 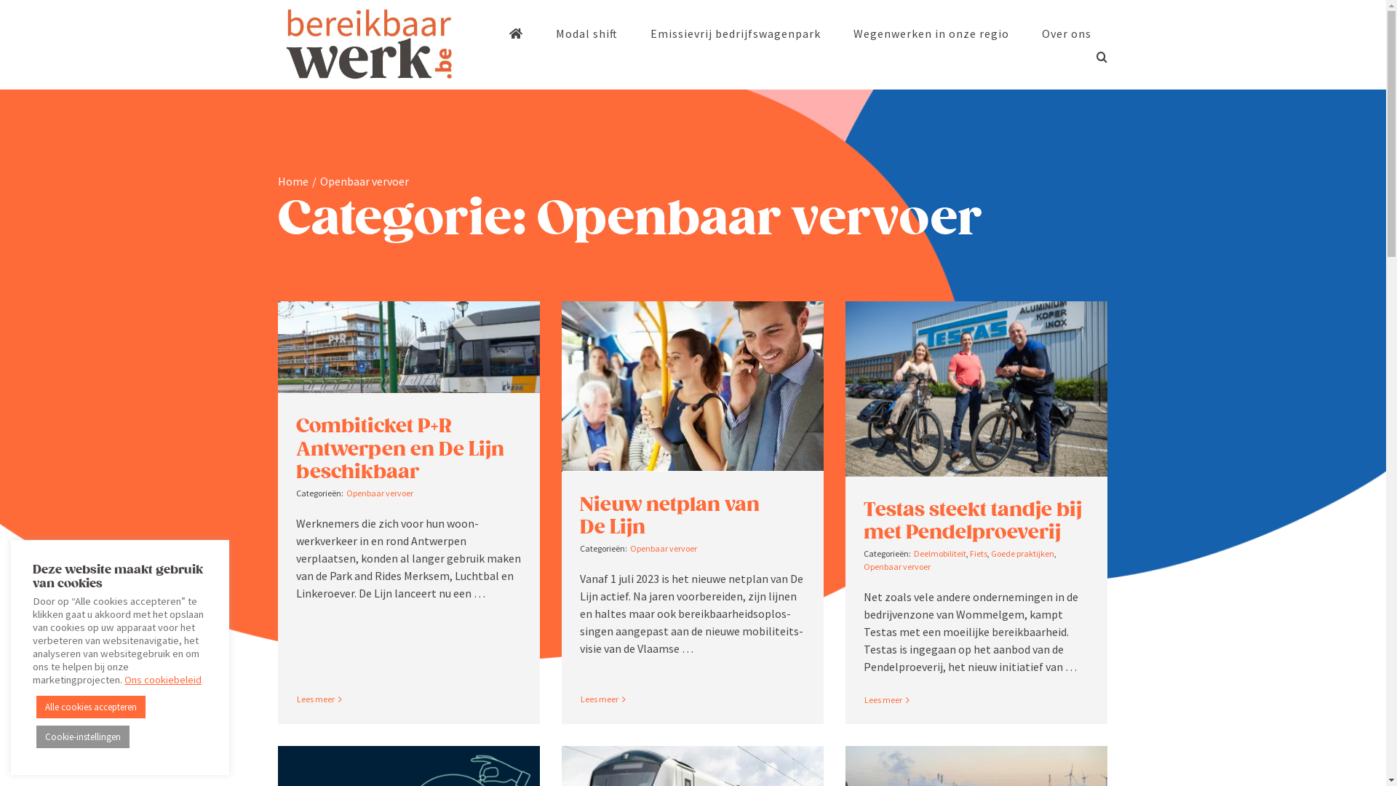 I want to click on 'Modal shift', so click(x=586, y=33).